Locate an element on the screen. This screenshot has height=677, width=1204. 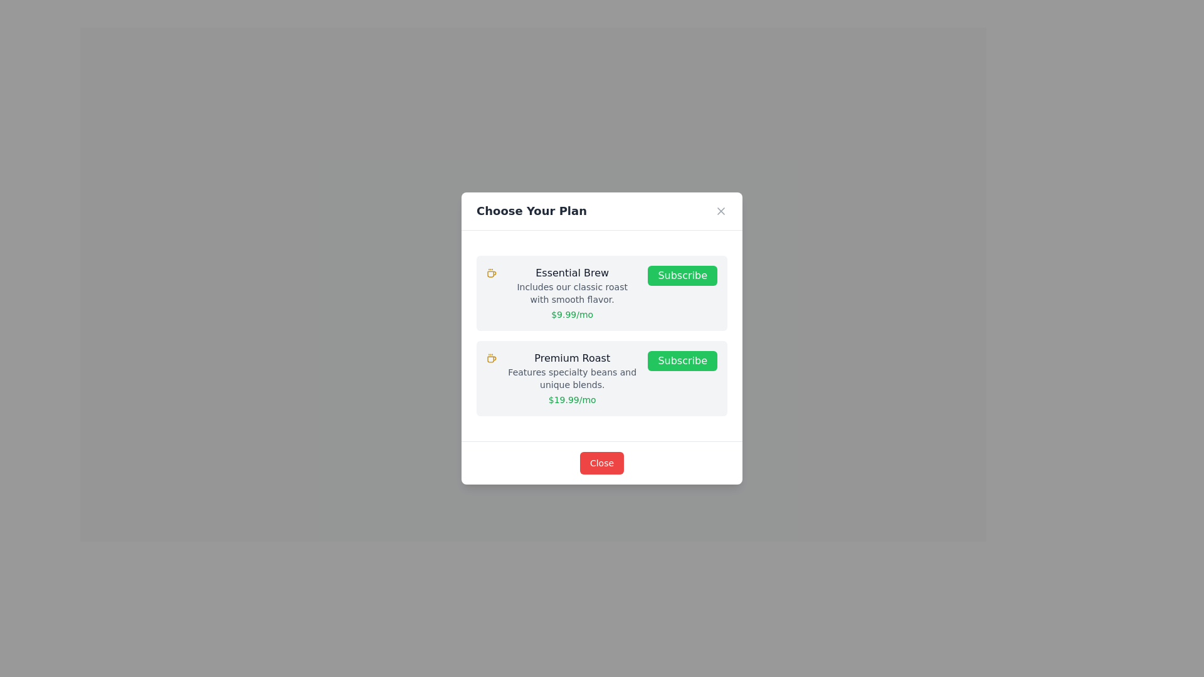
the decorative icon representing the Premium Roast subscription plan, located centrally on the left side of the text content within the subscription card is located at coordinates (491, 358).